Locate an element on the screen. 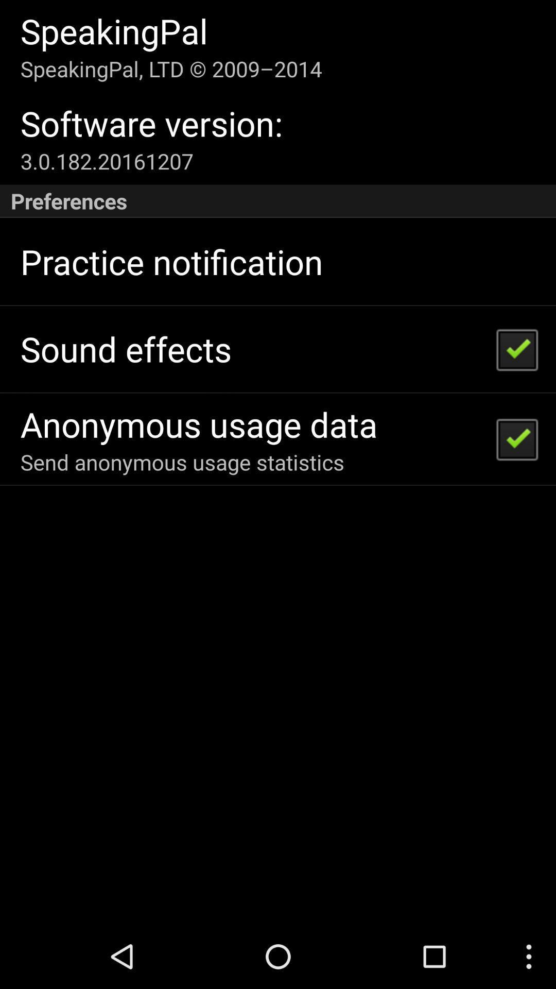 The image size is (556, 989). item below software version: is located at coordinates (107, 160).